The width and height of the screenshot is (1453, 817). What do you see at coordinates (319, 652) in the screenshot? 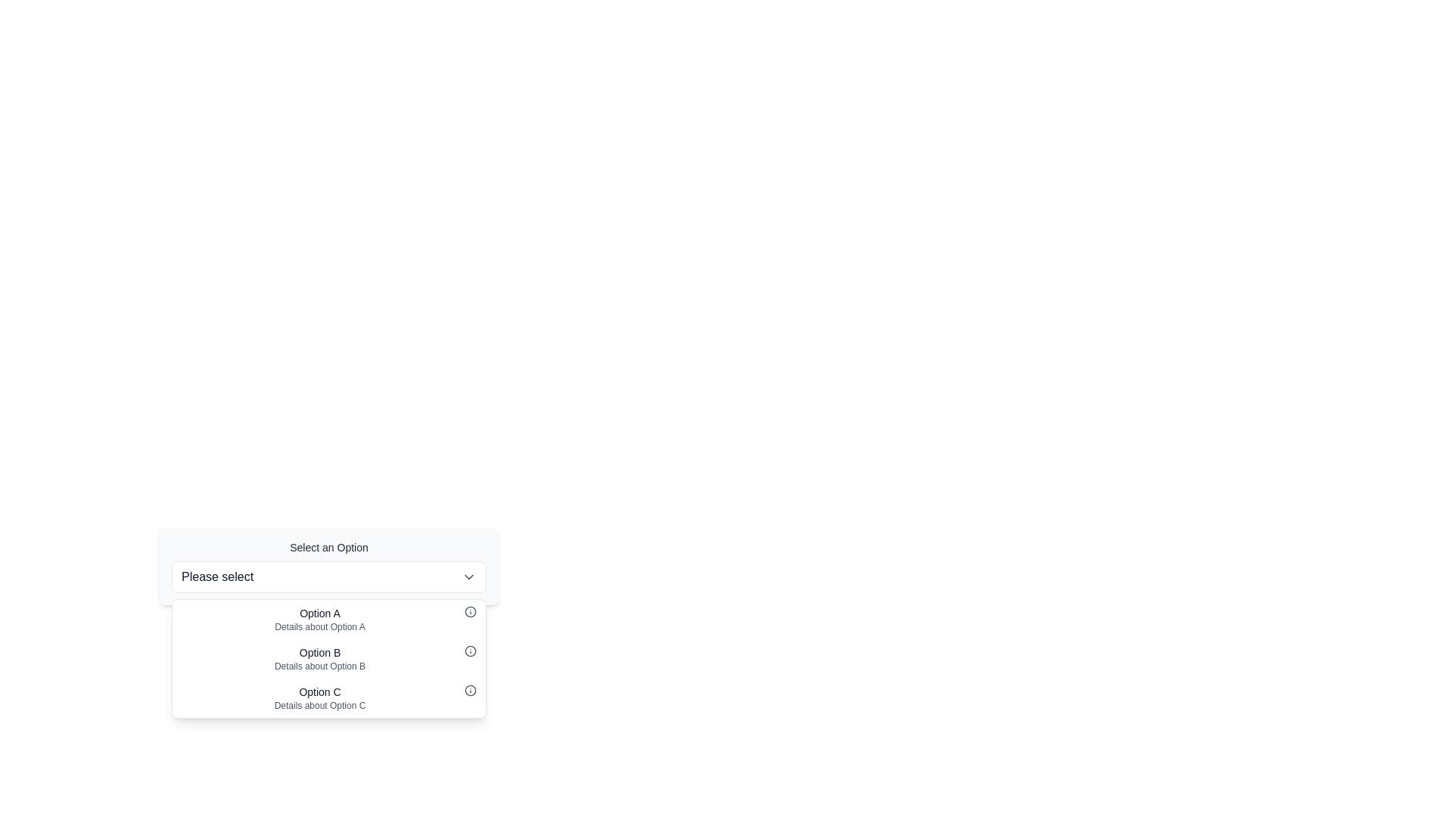
I see `the 'Option B' label in the dropdown menu` at bounding box center [319, 652].